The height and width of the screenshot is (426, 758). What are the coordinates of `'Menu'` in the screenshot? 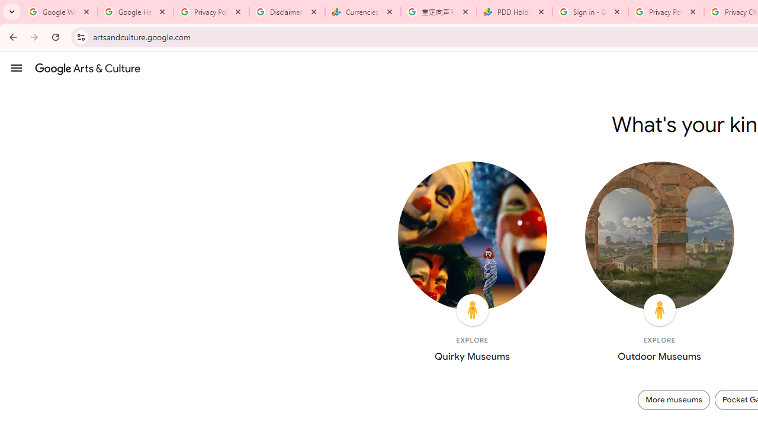 It's located at (17, 67).